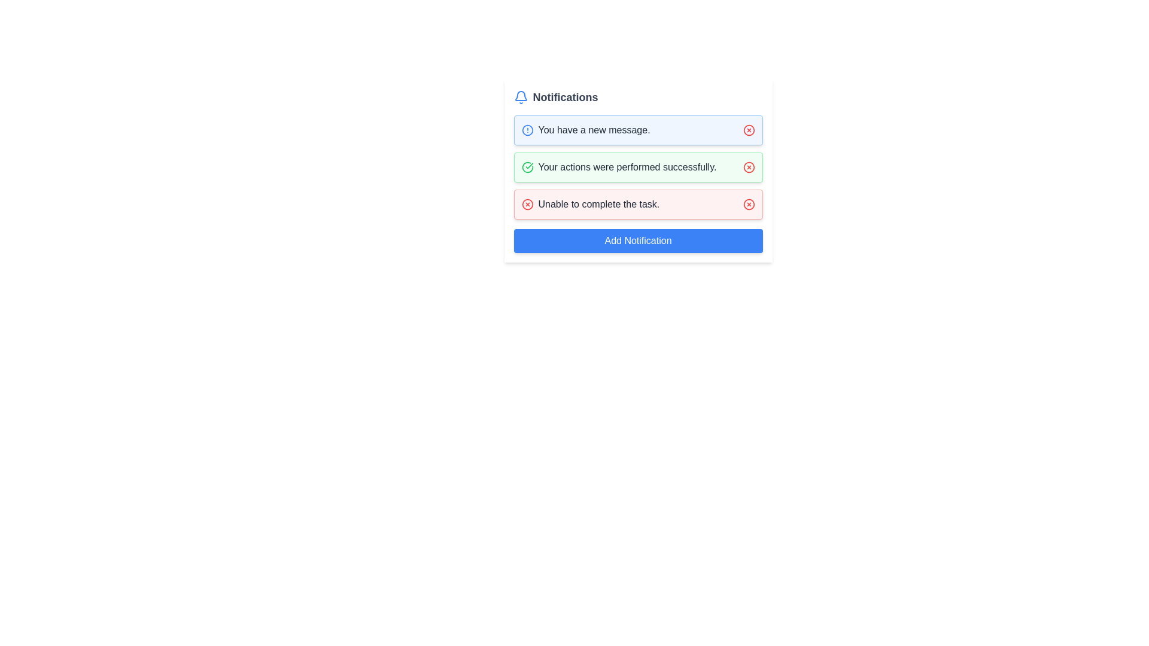 The image size is (1149, 646). I want to click on the circular green checkmark icon from the second notification card, so click(527, 167).